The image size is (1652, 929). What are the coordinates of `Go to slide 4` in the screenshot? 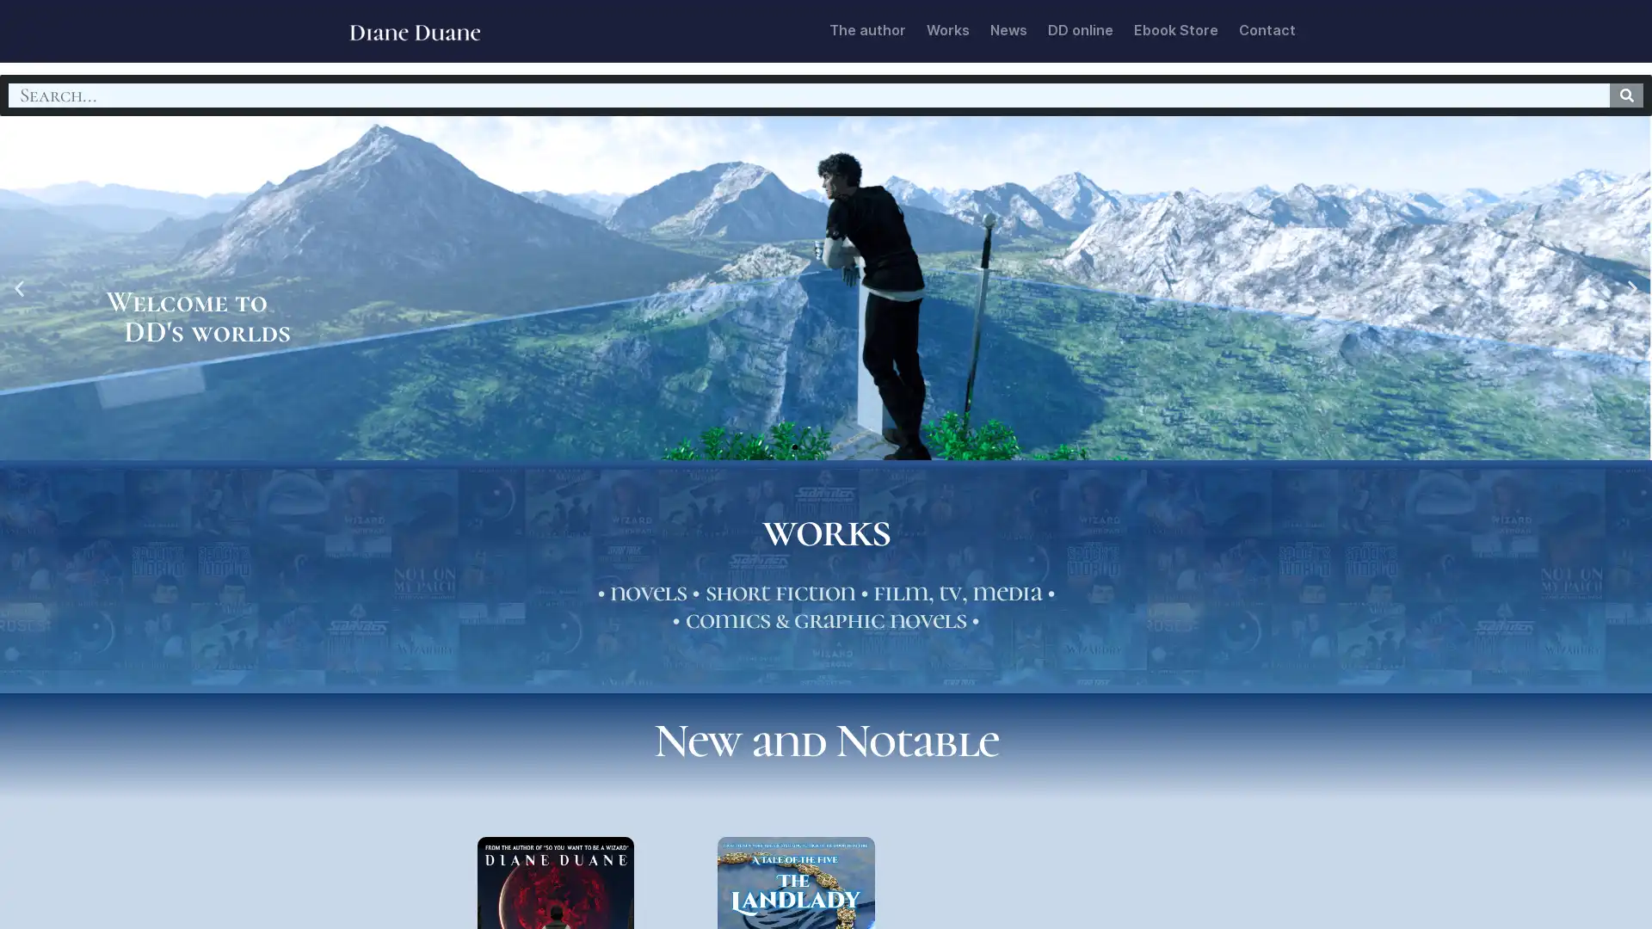 It's located at (841, 454).